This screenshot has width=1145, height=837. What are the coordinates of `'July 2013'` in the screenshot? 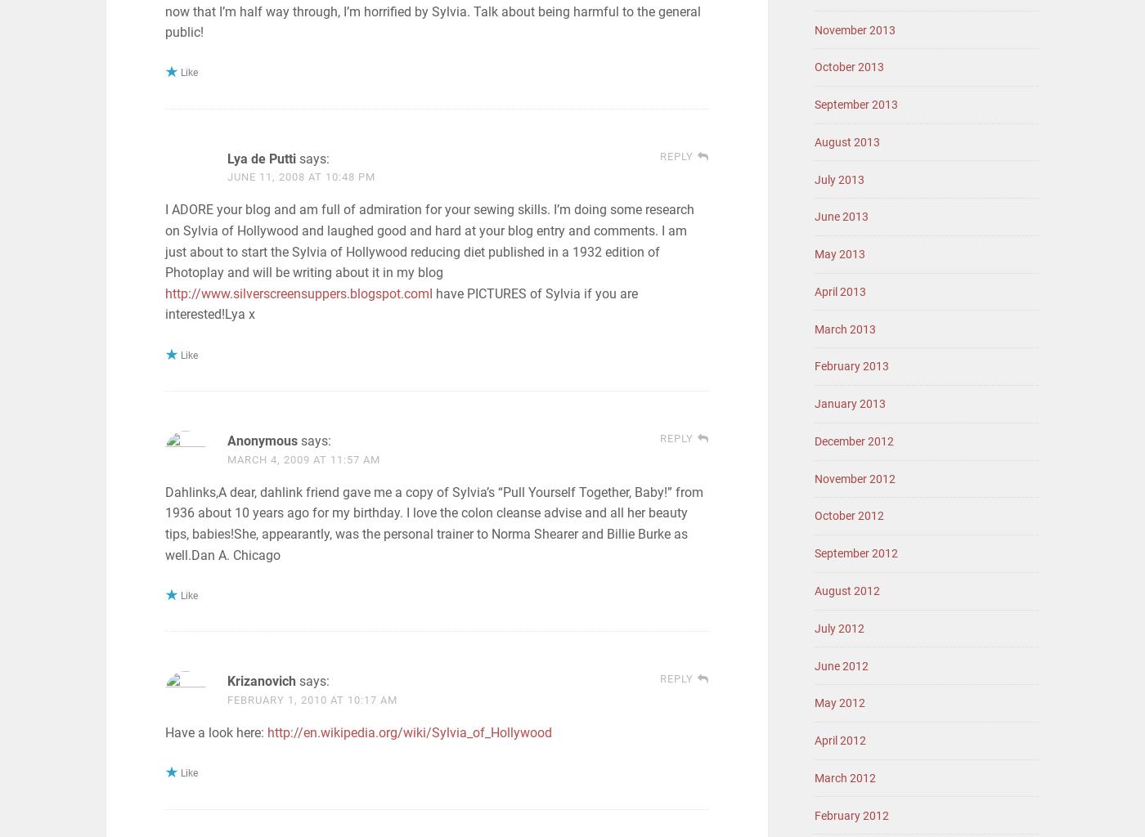 It's located at (839, 178).